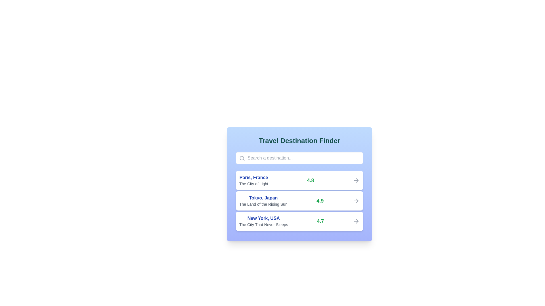 This screenshot has width=545, height=306. I want to click on text content of the destination introduction element for 'New York, USA,' which includes the subtitle 'The City That Never Sleeps.' This element is located in the third row of a list within a card layout, positioned below entries for Paris and Tokyo, so click(263, 221).